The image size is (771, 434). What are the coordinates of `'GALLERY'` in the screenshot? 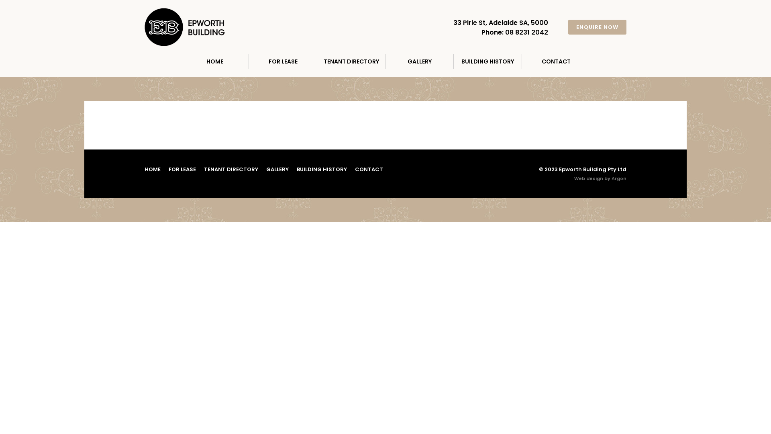 It's located at (266, 169).